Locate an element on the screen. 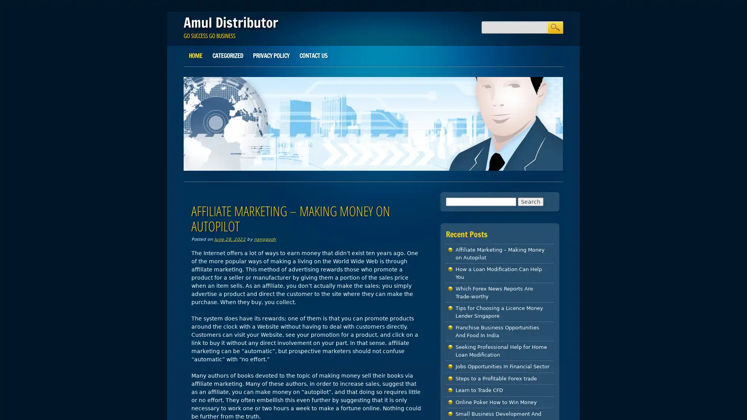 This screenshot has height=420, width=747. Search is located at coordinates (530, 201).